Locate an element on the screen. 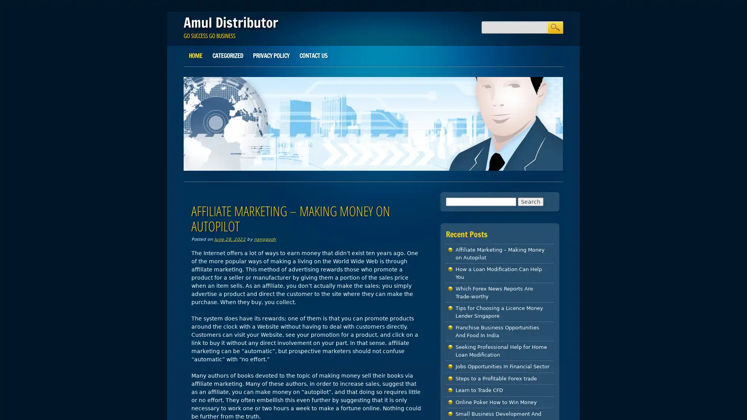 This screenshot has height=420, width=747. Search is located at coordinates (530, 201).